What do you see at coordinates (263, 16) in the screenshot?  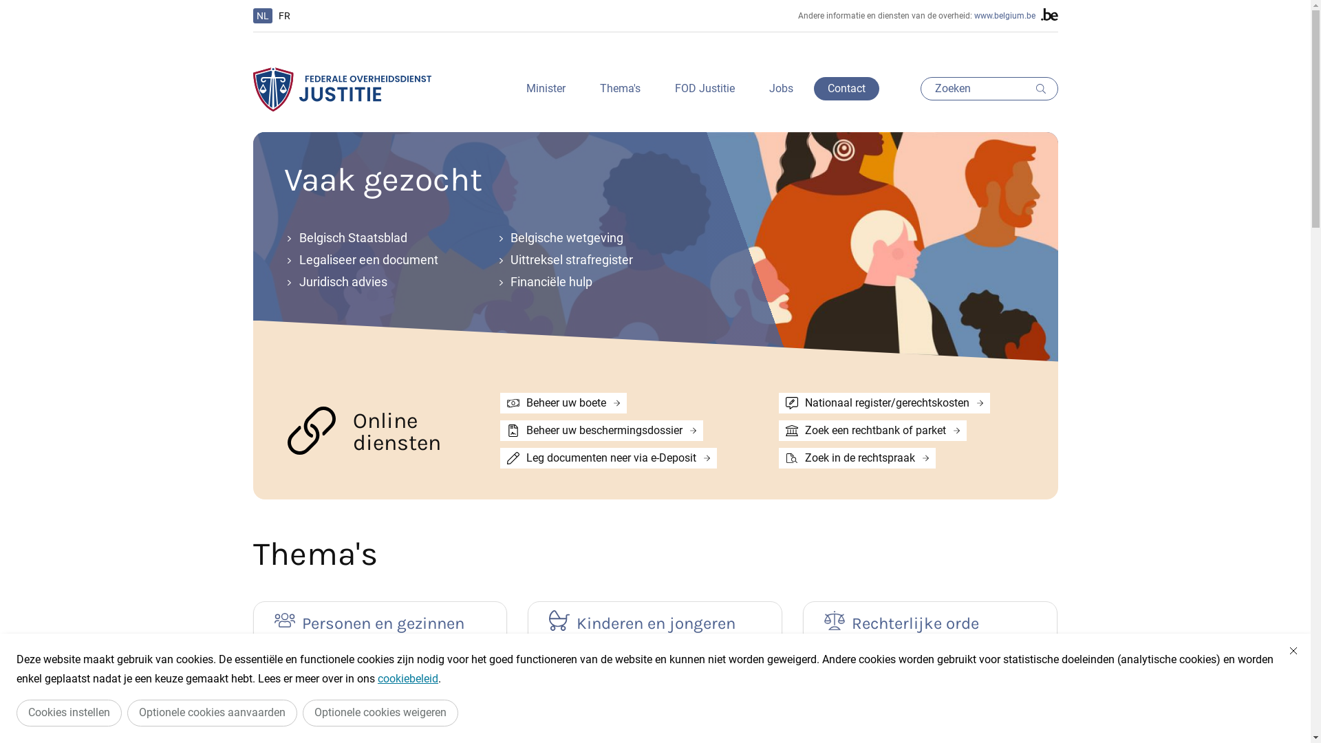 I see `'NL'` at bounding box center [263, 16].